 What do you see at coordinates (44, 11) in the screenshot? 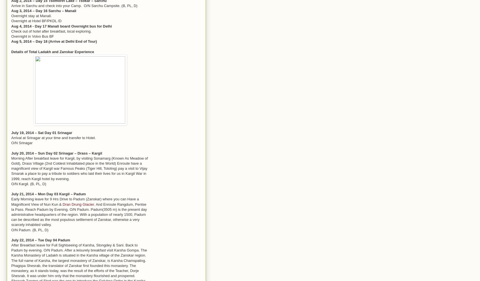
I see `'Aug 3, 2014 – Day 16 Sarchu – Manali'` at bounding box center [44, 11].